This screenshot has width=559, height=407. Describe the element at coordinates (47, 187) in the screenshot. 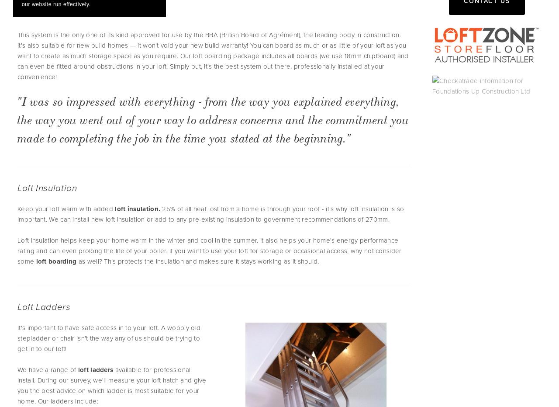

I see `'Loft Insulation'` at that location.